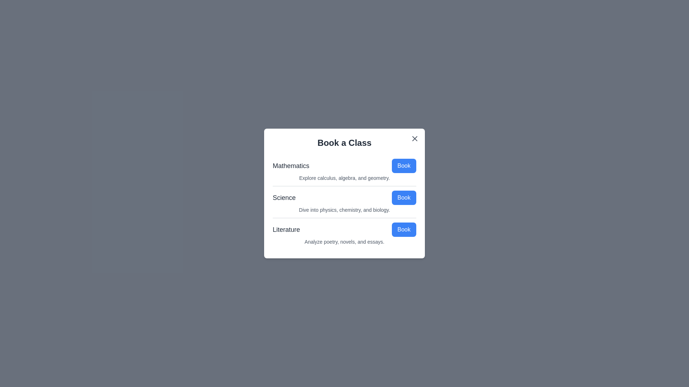 This screenshot has width=689, height=387. I want to click on the description of Mathematics to examine it, so click(344, 178).